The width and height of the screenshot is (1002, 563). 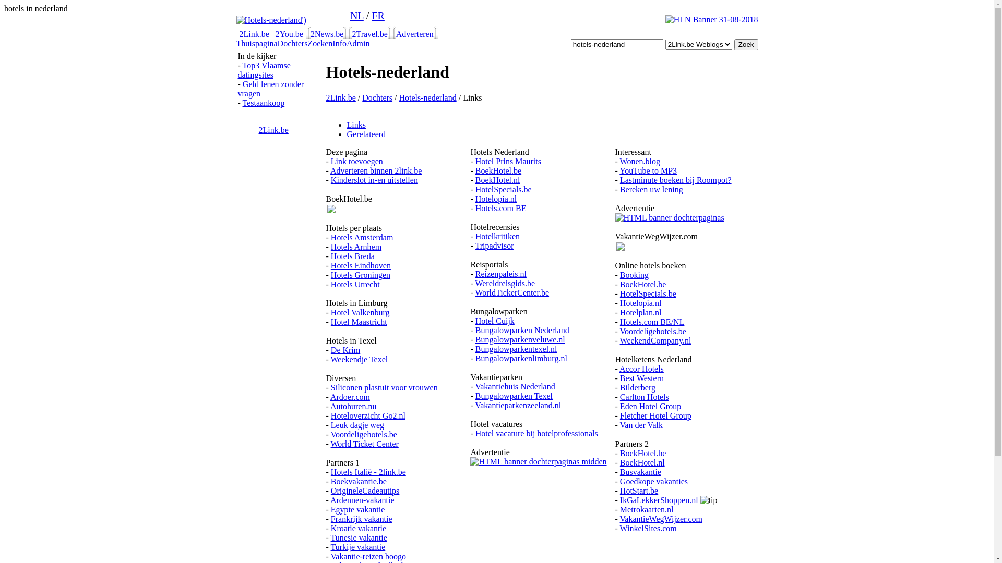 I want to click on 'WinkelSites.com', so click(x=620, y=528).